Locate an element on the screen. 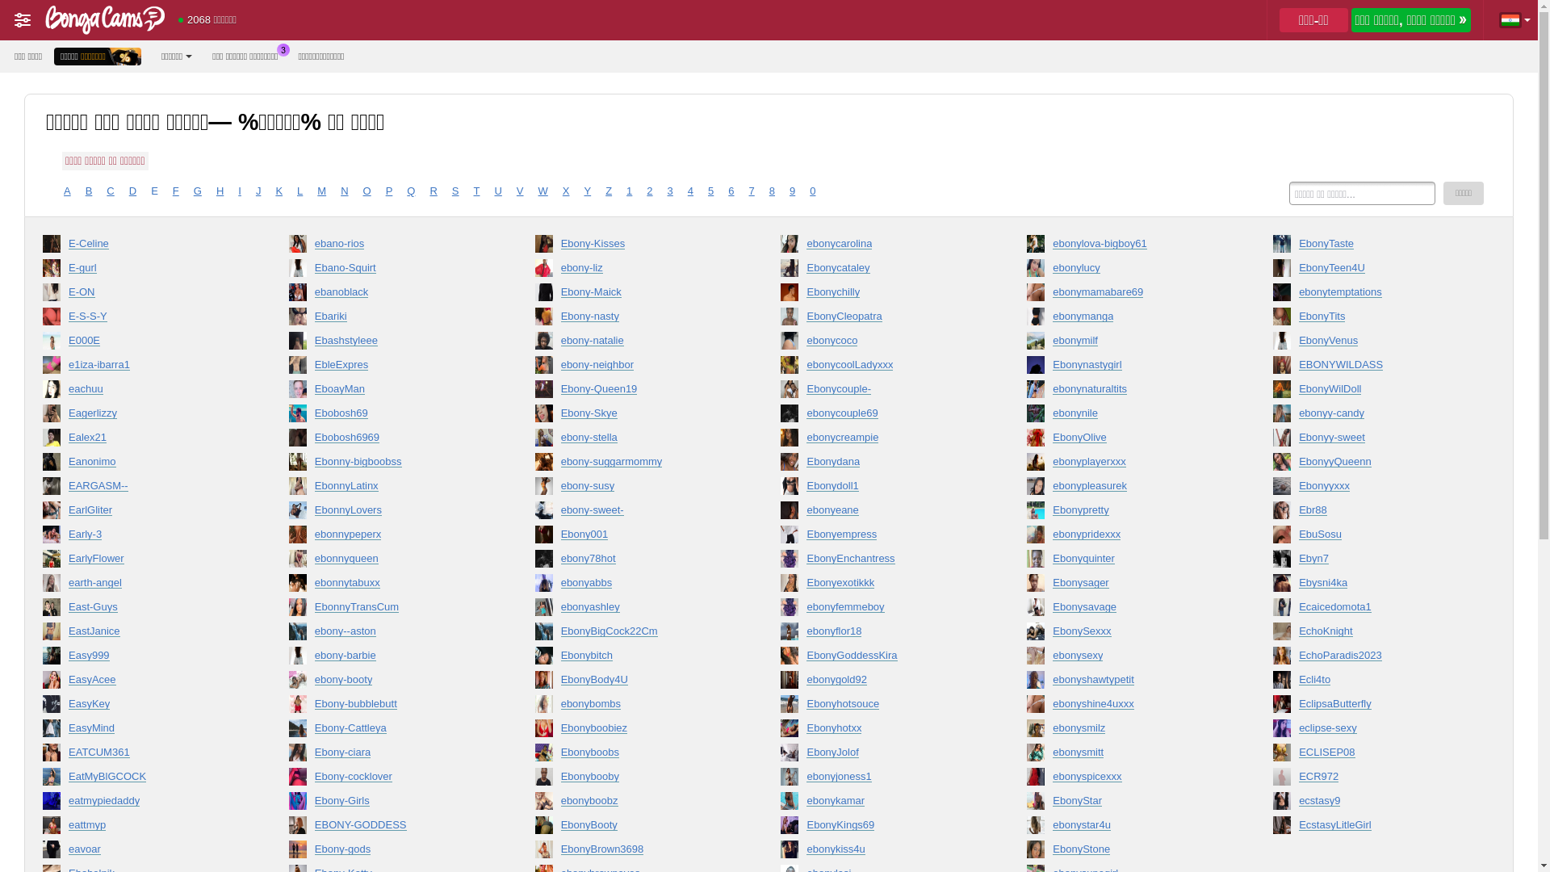  'eachuu' is located at coordinates (143, 392).